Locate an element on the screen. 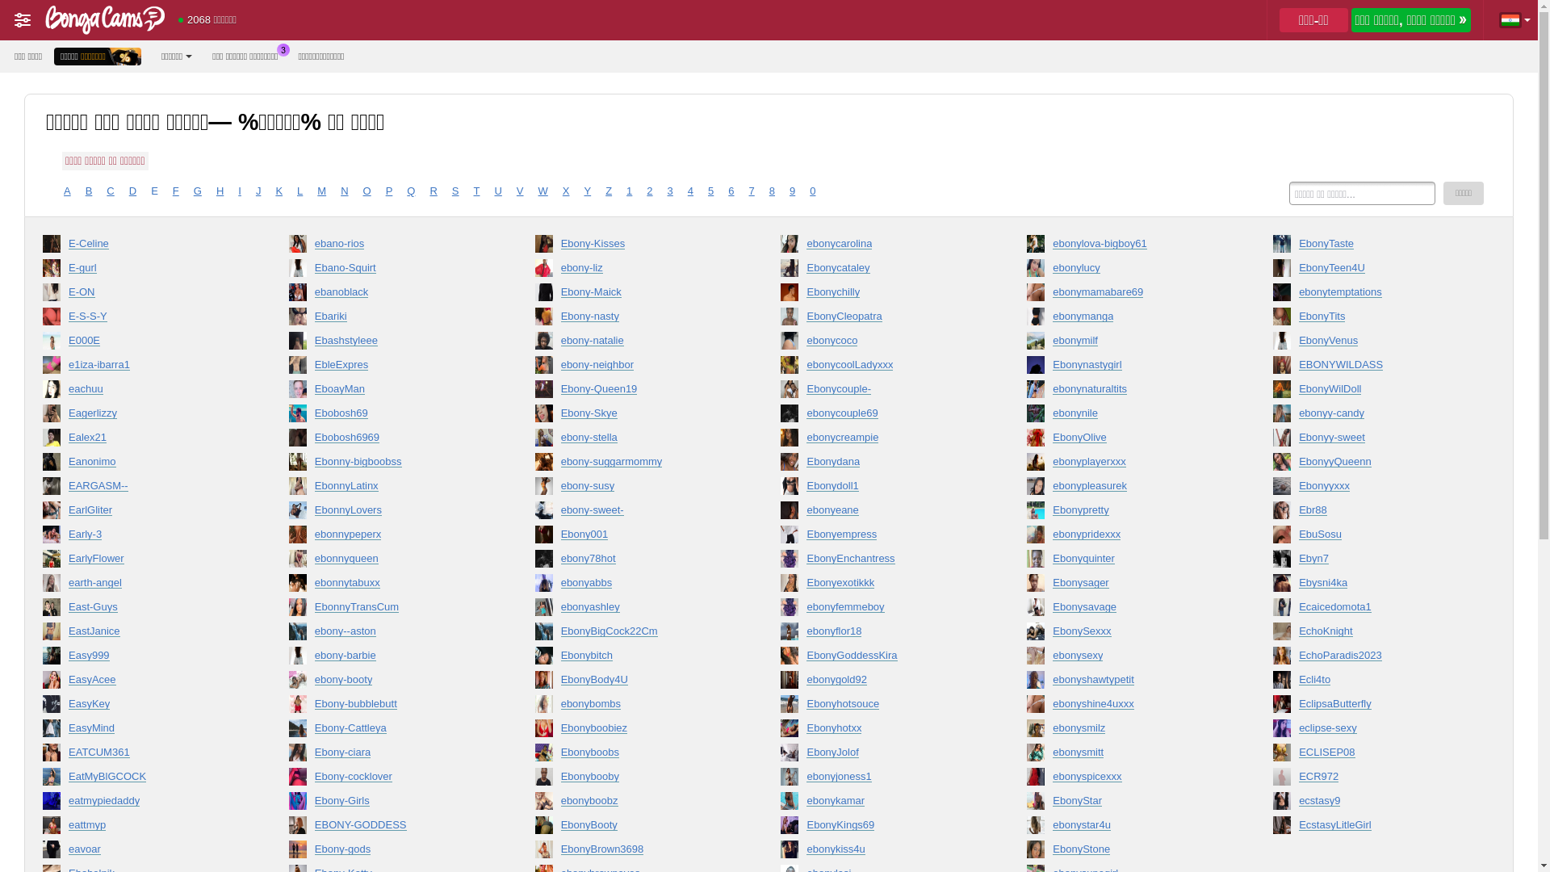  'eachuu' is located at coordinates (143, 392).